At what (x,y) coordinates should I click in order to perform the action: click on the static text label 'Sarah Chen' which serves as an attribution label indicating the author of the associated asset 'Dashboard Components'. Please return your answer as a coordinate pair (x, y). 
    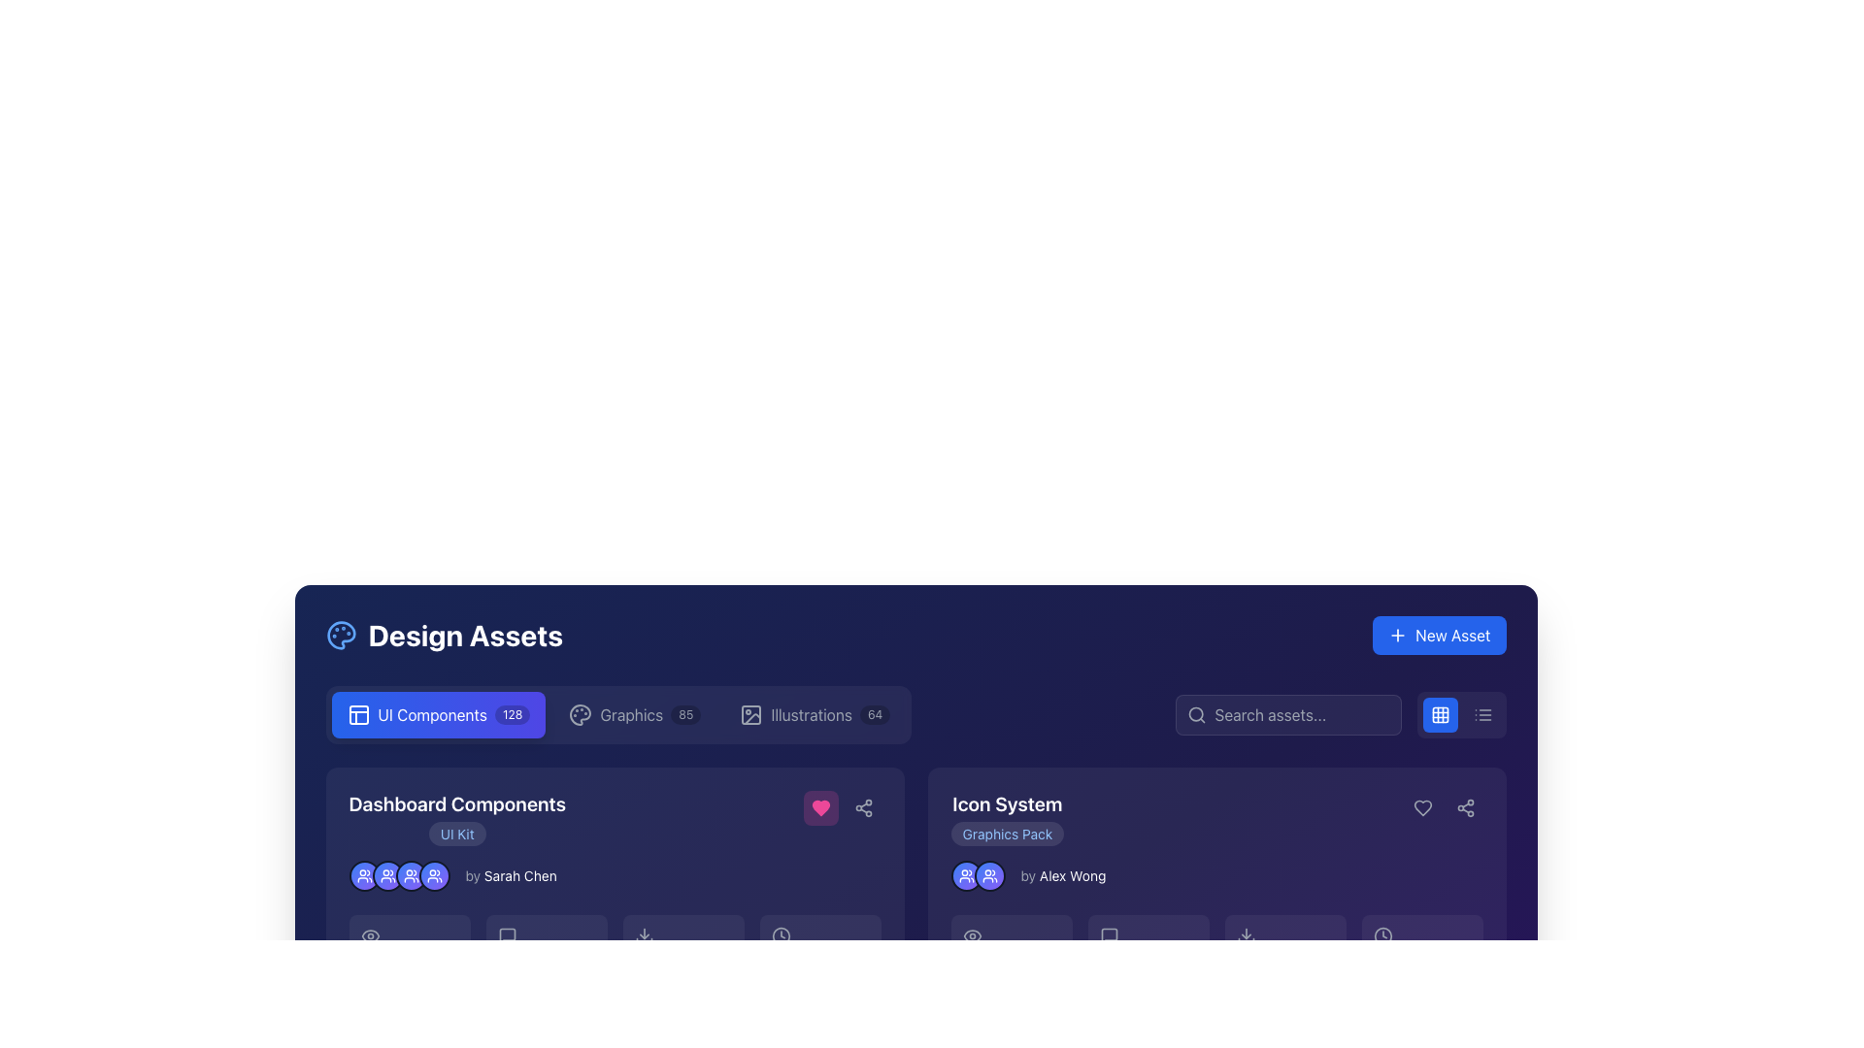
    Looking at the image, I should click on (520, 875).